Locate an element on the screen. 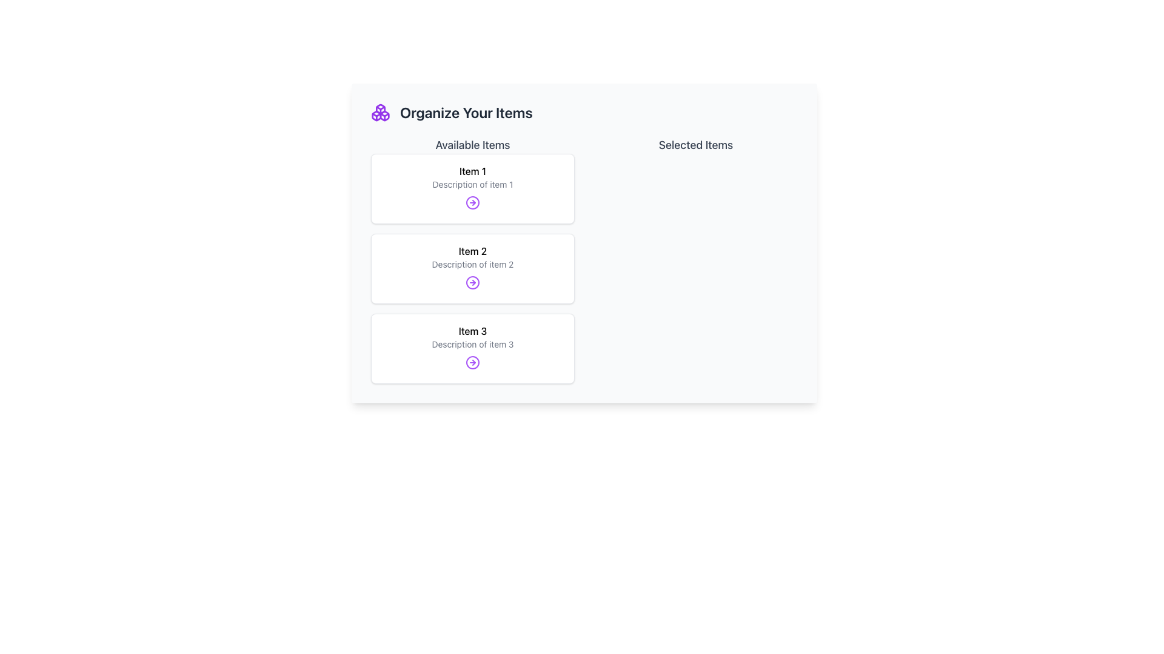  the purple circular icon with a white interior and a rightward-pointing arrow, located at the bottom of the last card in the 'Available Items' section, below 'Description of item 3' is located at coordinates (472, 362).